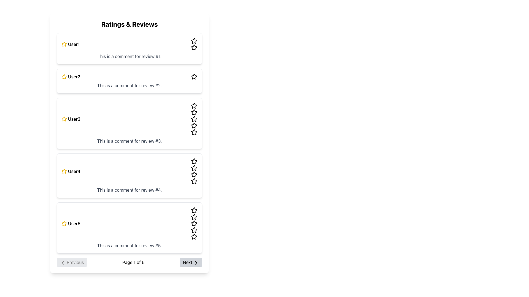 Image resolution: width=529 pixels, height=297 pixels. I want to click on the second star-shaped icon in the vertical stack of stars for user 'User5' in the fifth review card, so click(194, 217).